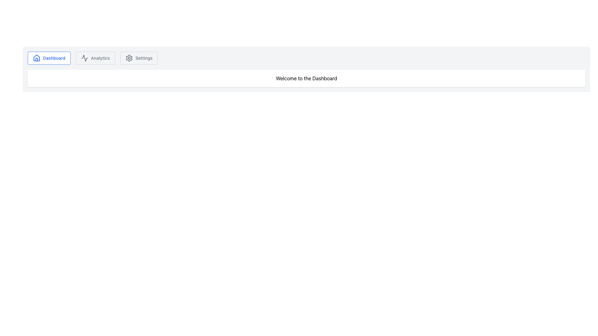 This screenshot has width=598, height=336. I want to click on the 'Analytics' button, which is the second button in a row of three buttons at the top-left area of the interface, so click(95, 58).